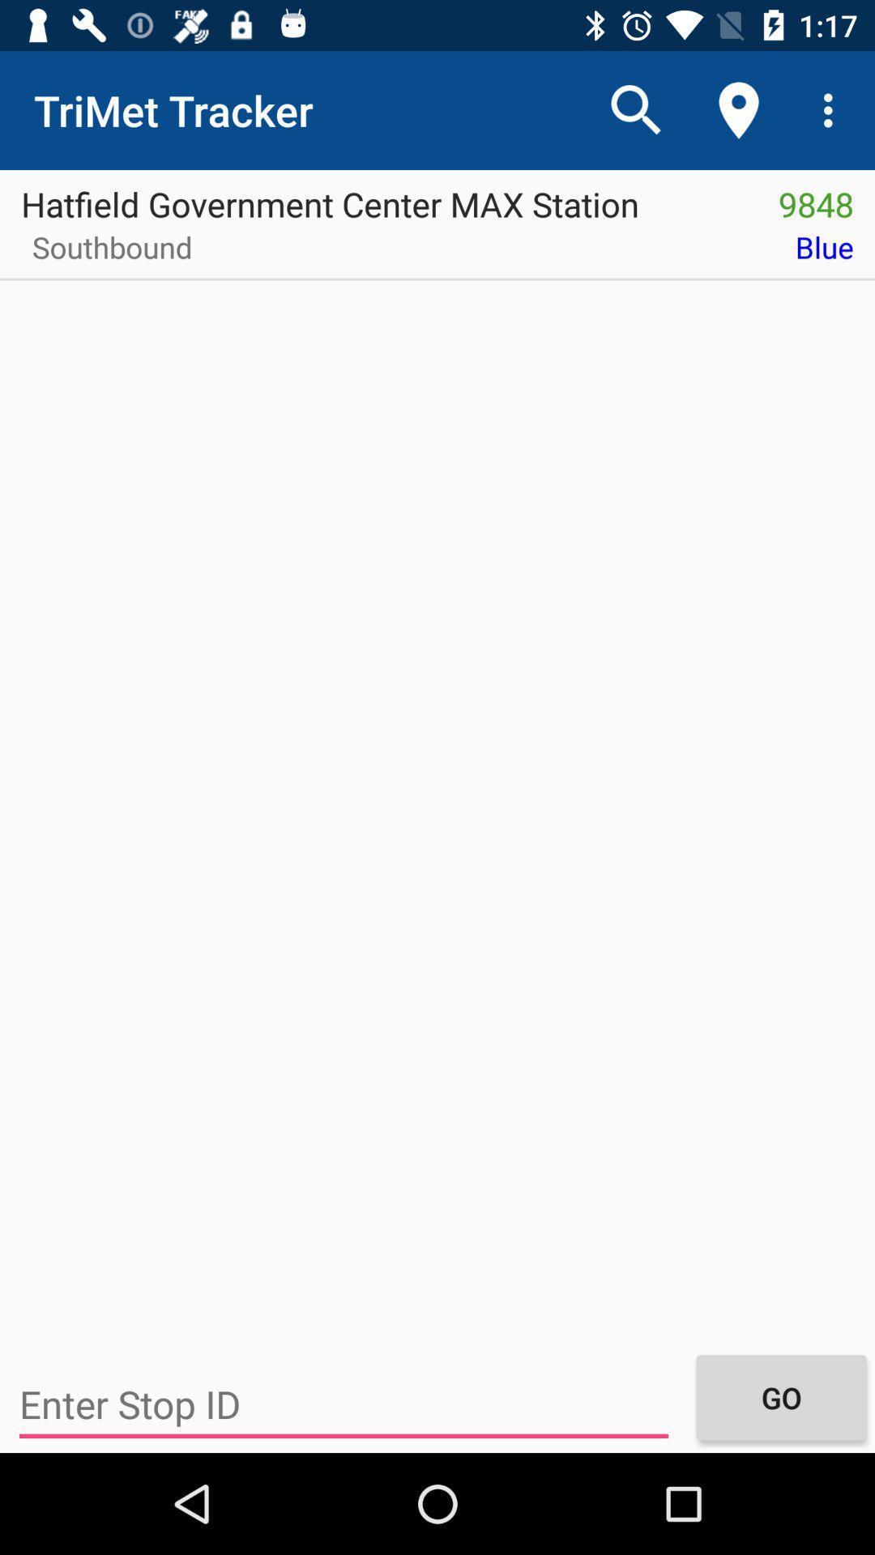 The height and width of the screenshot is (1555, 875). I want to click on icon next to the 9848 item, so click(378, 198).